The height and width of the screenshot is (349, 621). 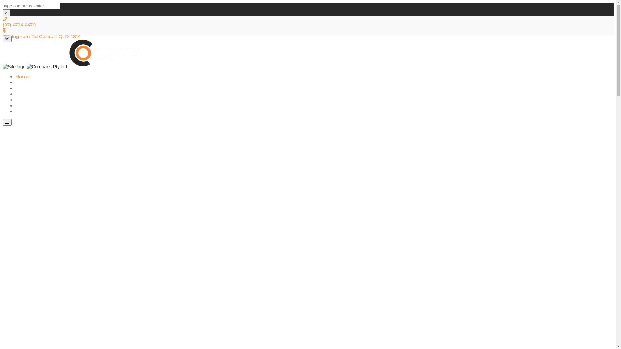 I want to click on 'Caliper Rebuilds', so click(x=34, y=82).